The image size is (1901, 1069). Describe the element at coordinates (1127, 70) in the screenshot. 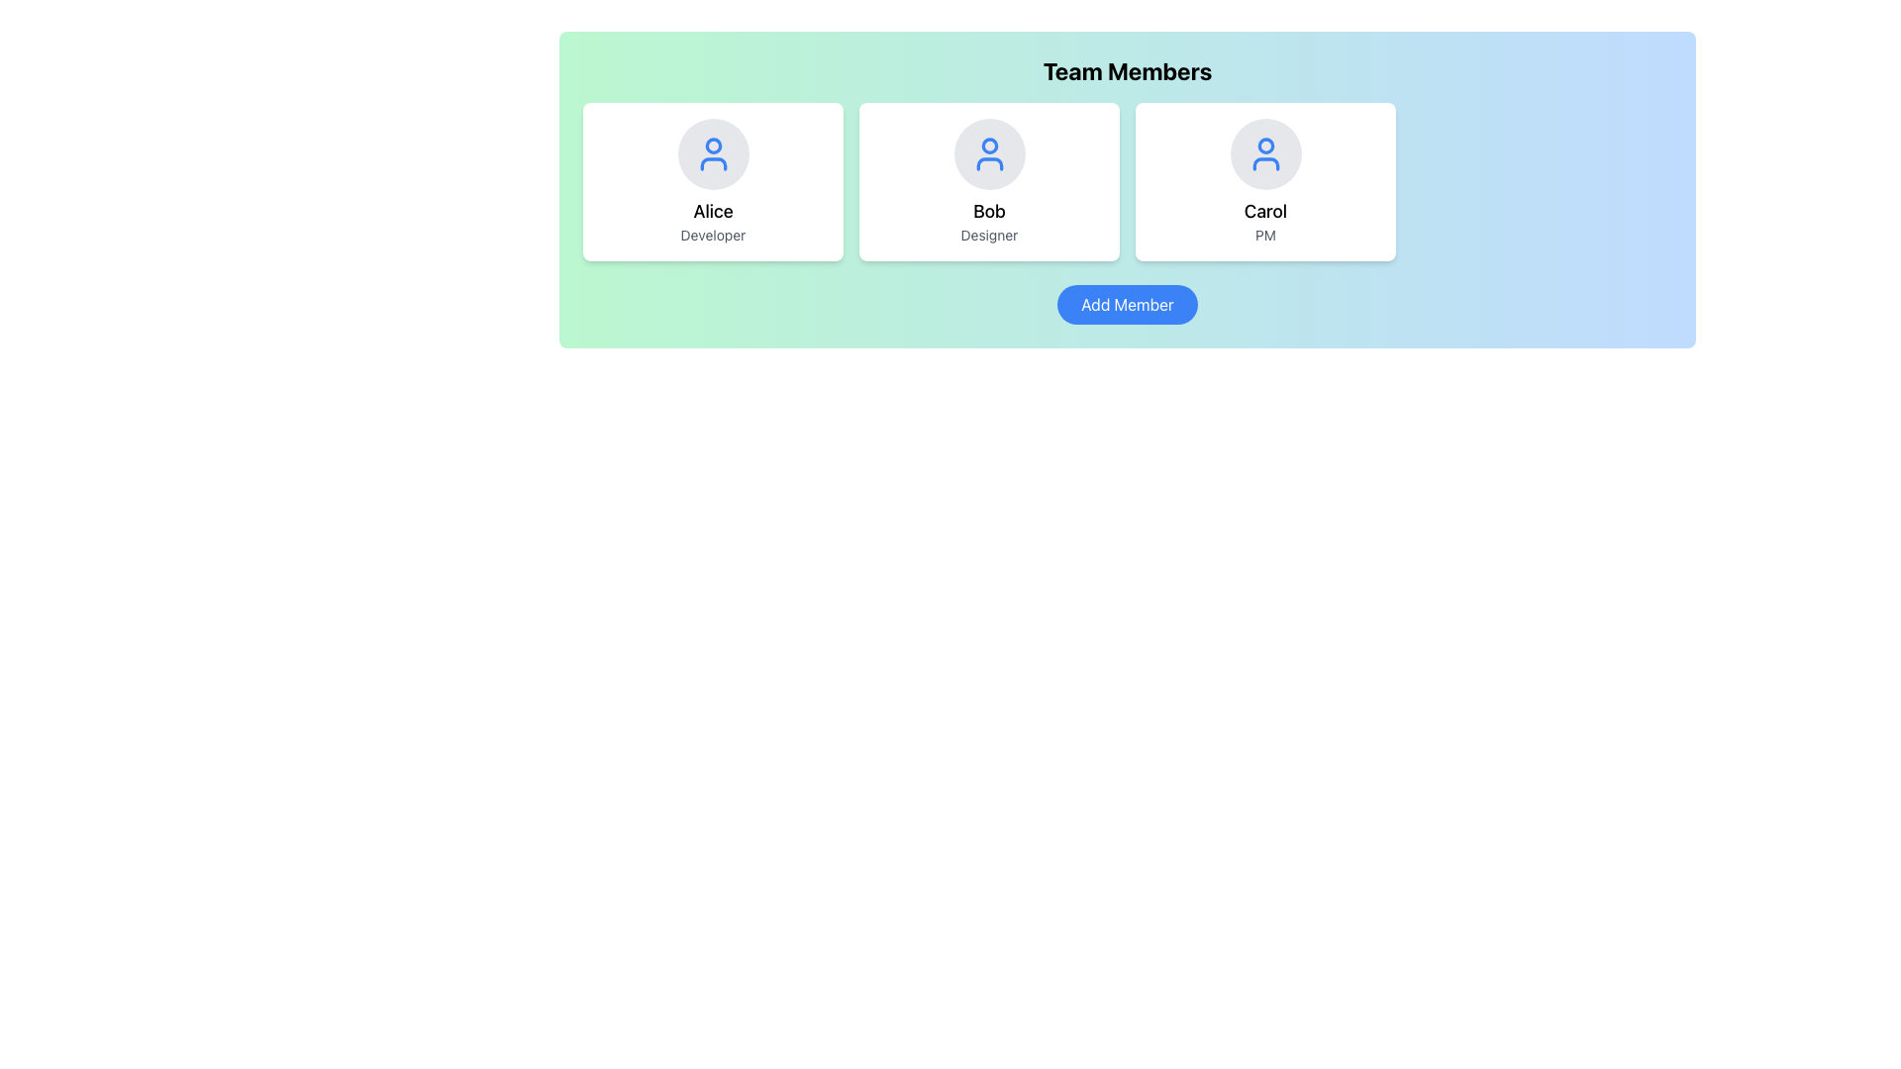

I see `the 'Team Members' title text label, which is bold and large, located at the top center of the panel with a gradient background` at that location.